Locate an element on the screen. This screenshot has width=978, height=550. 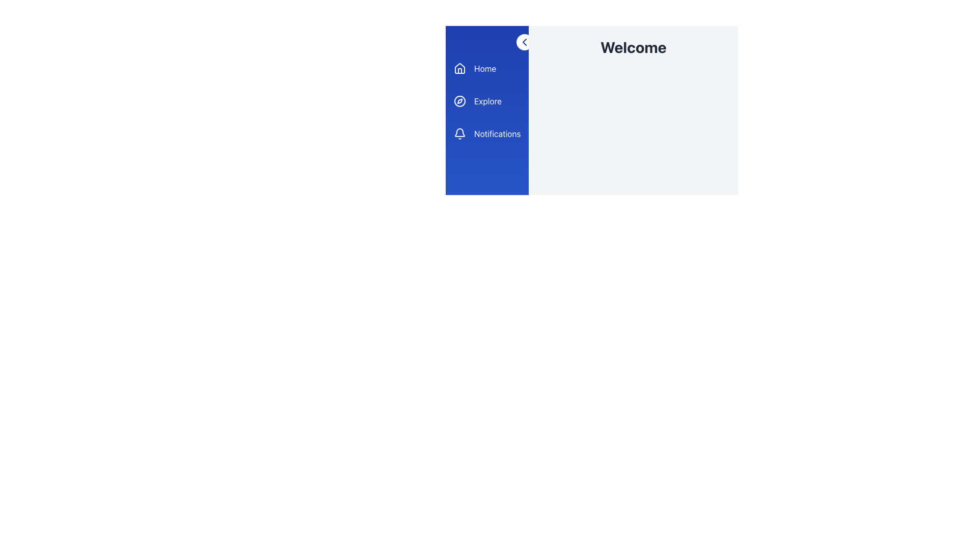
the 'Explore' button, which is a rectangular button with a blue background, white text, and a compass icon, located below the 'Home' button in the vertical navigation bar is located at coordinates (477, 101).